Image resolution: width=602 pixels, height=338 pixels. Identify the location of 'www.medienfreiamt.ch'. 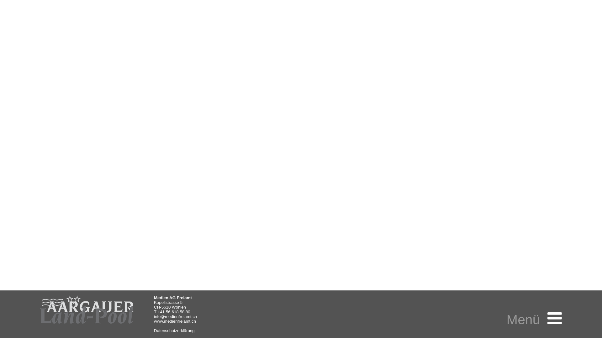
(154, 321).